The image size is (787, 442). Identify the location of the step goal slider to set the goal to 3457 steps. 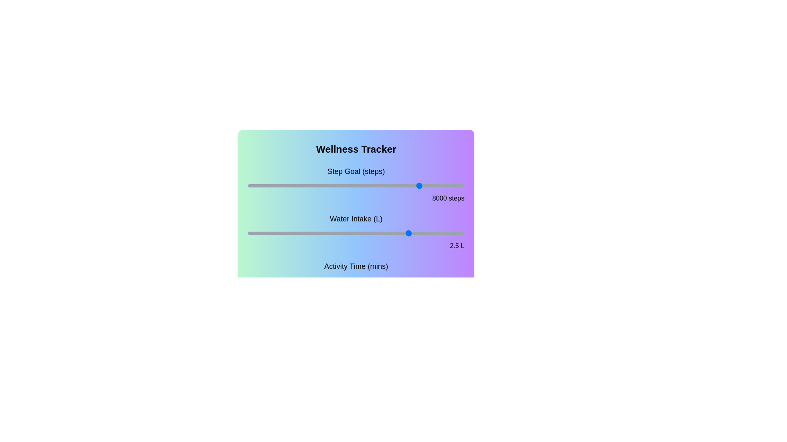
(322, 186).